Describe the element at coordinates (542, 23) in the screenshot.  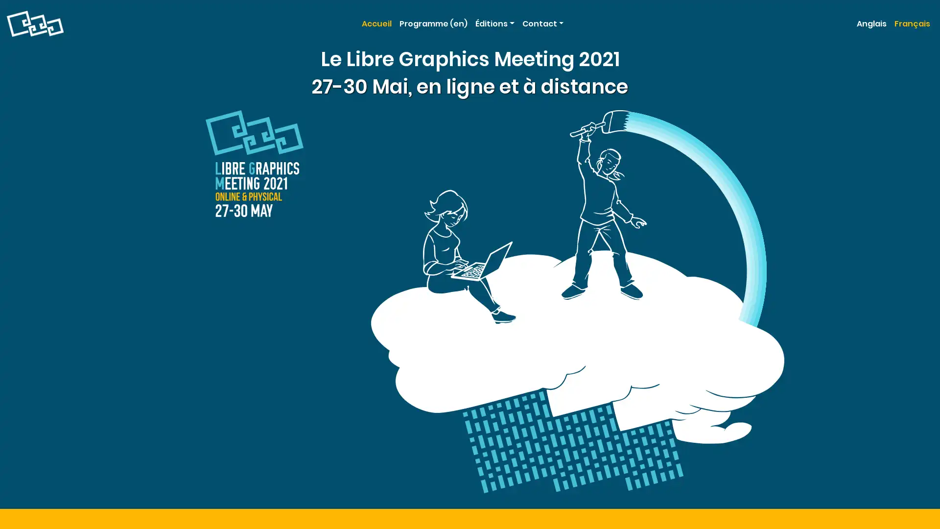
I see `Contact` at that location.